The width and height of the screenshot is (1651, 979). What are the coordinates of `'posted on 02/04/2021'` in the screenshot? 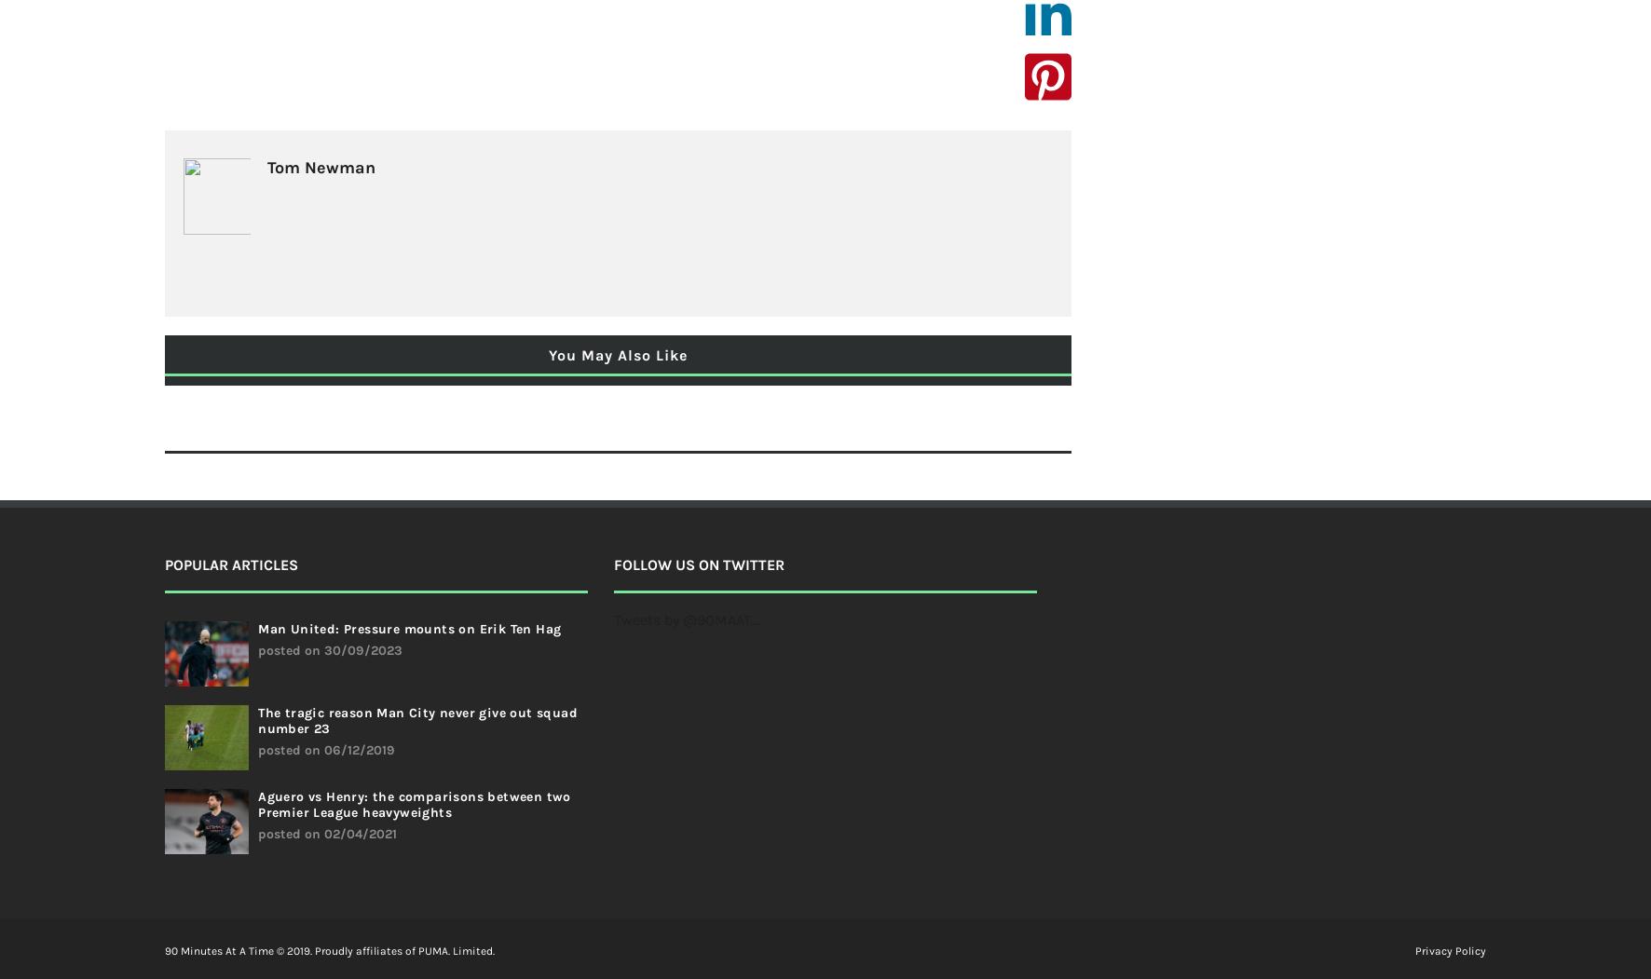 It's located at (327, 834).